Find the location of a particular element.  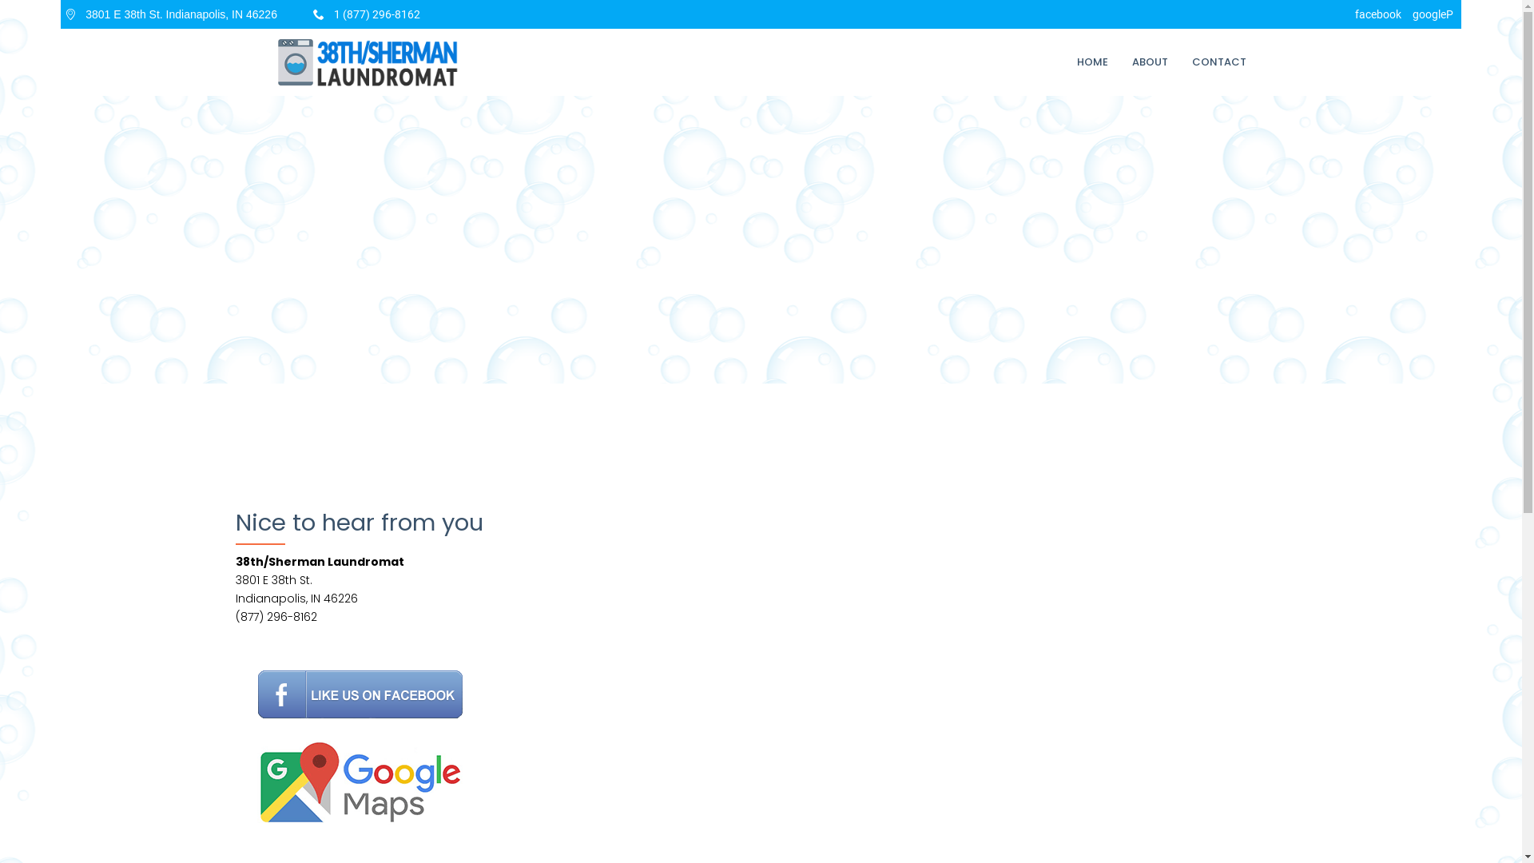

'CONTACT' is located at coordinates (1218, 61).